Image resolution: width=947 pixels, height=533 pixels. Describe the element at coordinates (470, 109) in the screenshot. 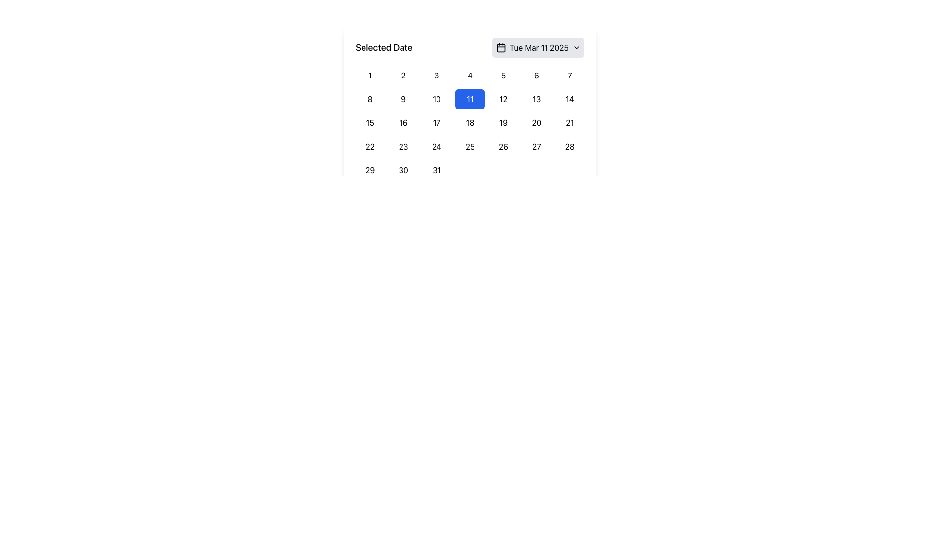

I see `the '11' button in the calendar` at that location.